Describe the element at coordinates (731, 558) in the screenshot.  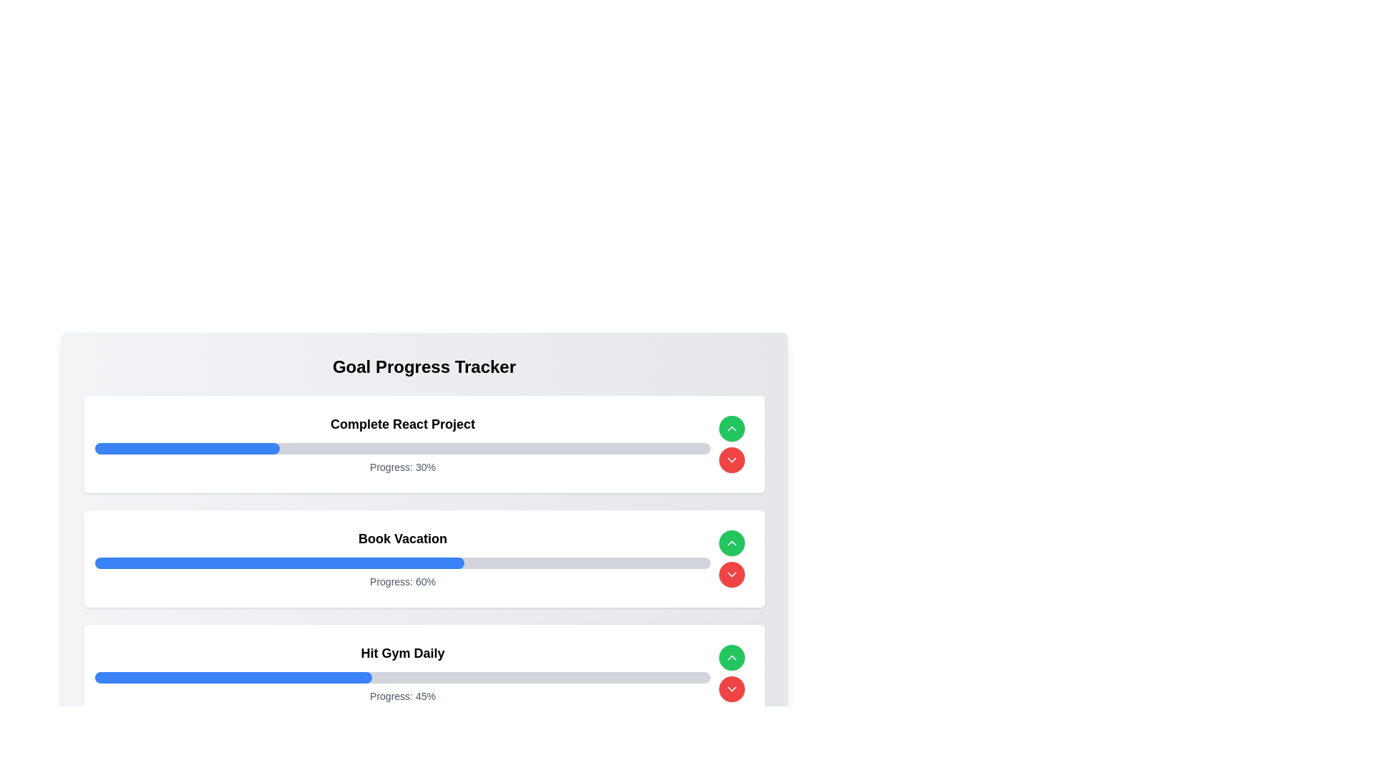
I see `the green button in the vertical button stack with chevron icons located to the right side of the 'Book Vacation - Progress: 60%' card` at that location.